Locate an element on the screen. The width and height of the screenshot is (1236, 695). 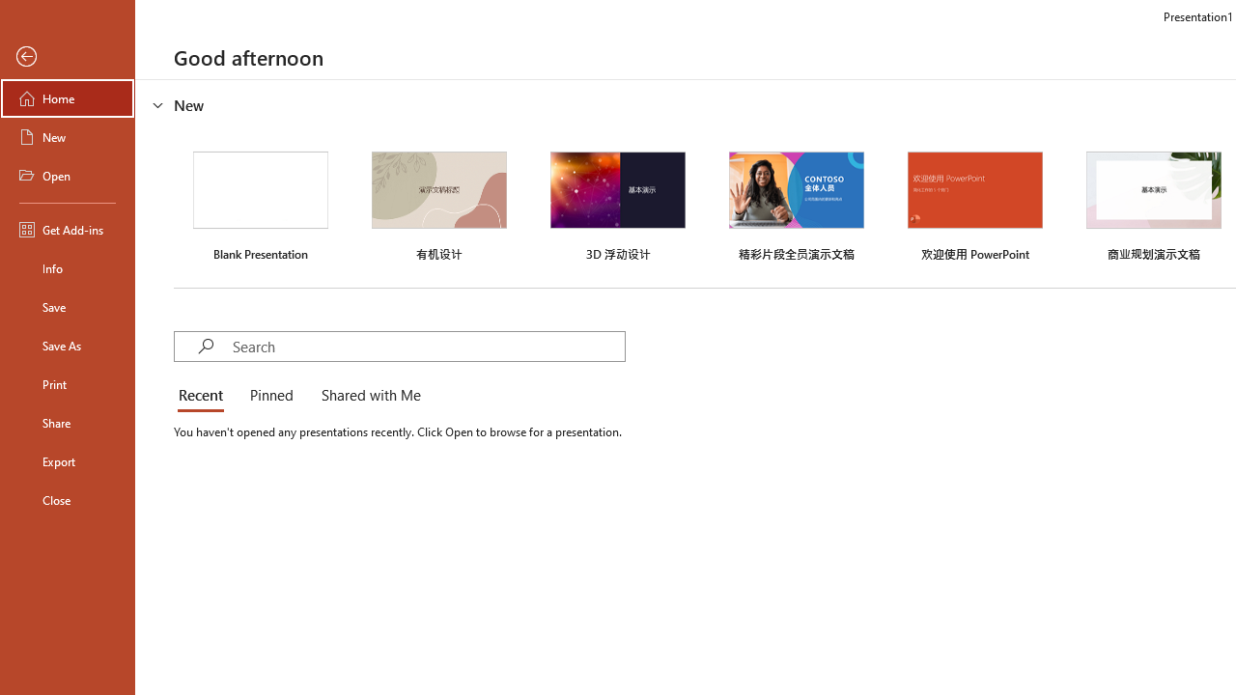
'Export' is located at coordinates (67, 461).